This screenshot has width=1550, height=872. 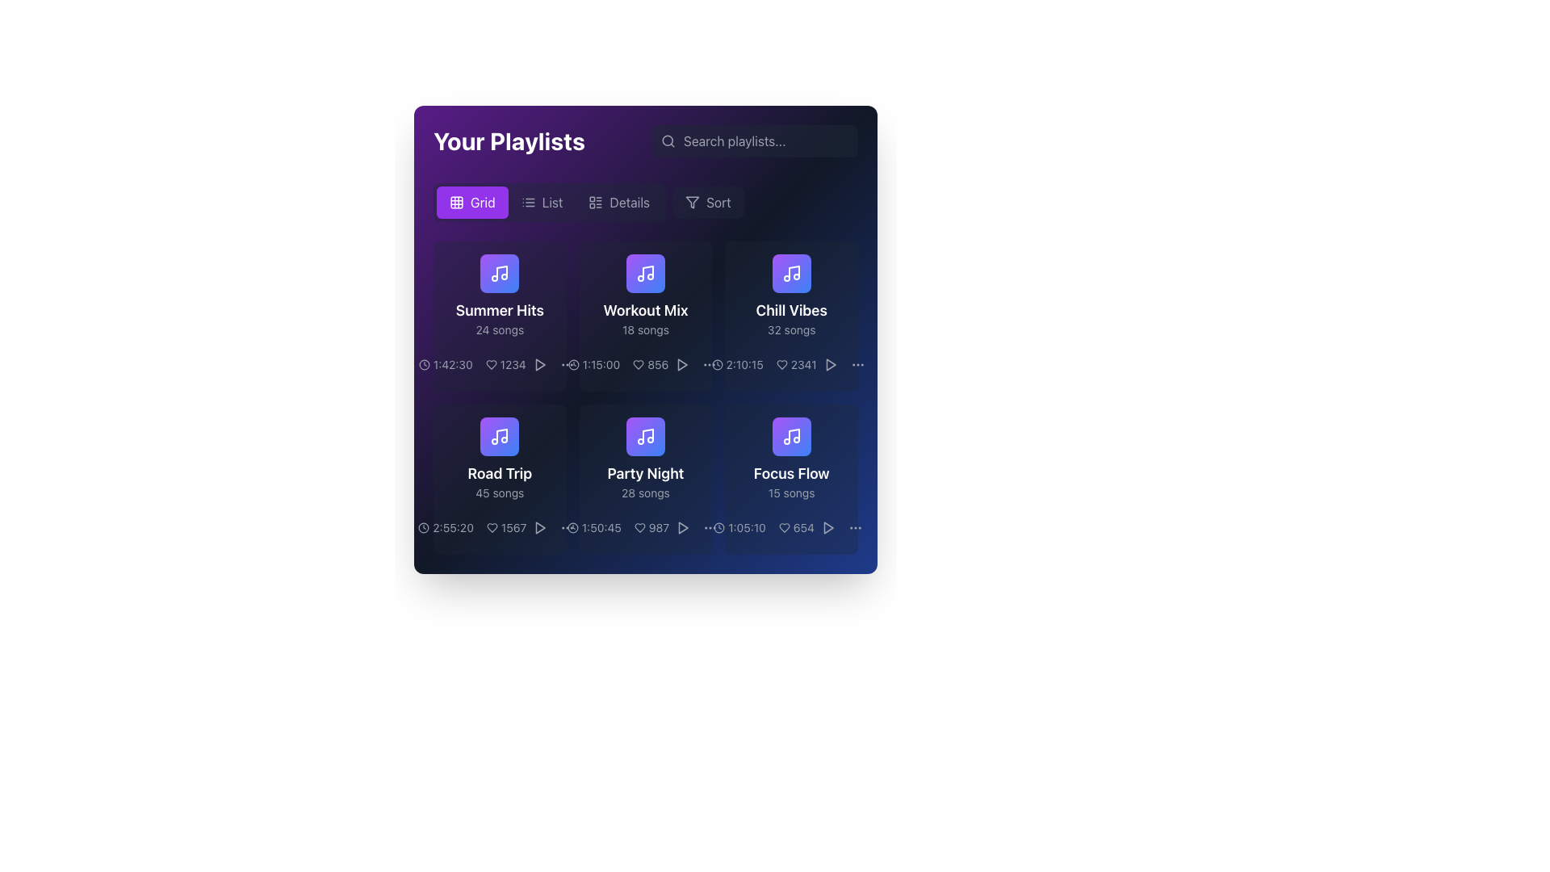 What do you see at coordinates (791, 317) in the screenshot?
I see `to select the playlist item titled 'Chill Vibes', which displays '32 songs' and features a gradient music note icon above the text` at bounding box center [791, 317].